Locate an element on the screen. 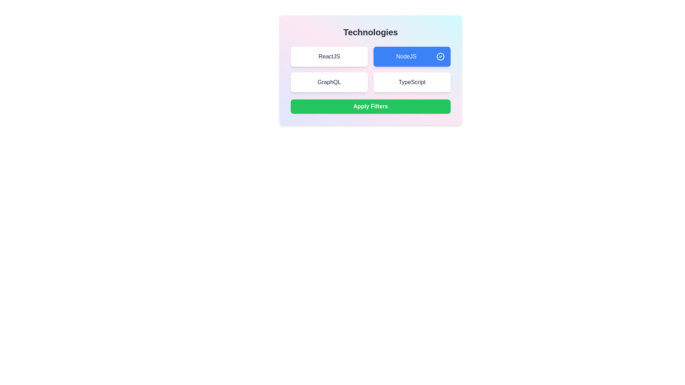 Image resolution: width=685 pixels, height=385 pixels. the chip with label ReactJS is located at coordinates (329, 56).